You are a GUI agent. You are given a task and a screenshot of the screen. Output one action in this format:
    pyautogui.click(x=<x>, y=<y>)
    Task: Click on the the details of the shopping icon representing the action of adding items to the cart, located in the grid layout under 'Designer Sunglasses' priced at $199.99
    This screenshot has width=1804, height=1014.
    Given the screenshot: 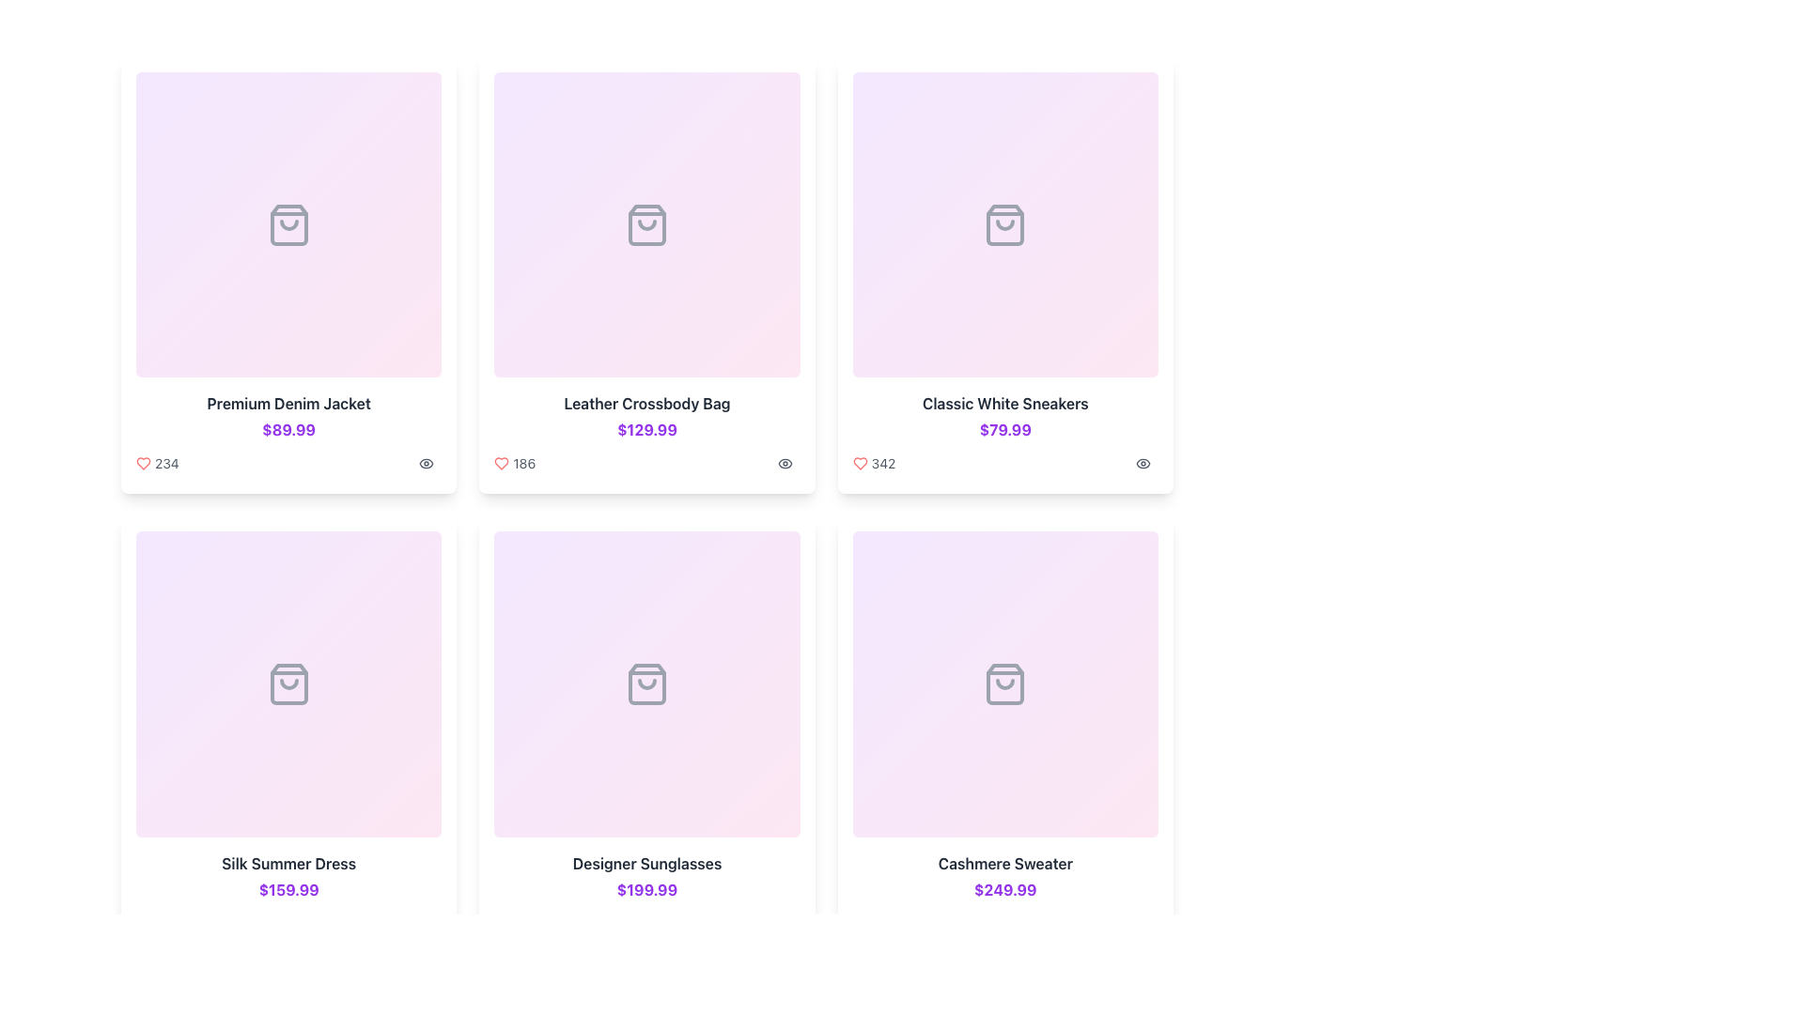 What is the action you would take?
    pyautogui.click(x=646, y=684)
    